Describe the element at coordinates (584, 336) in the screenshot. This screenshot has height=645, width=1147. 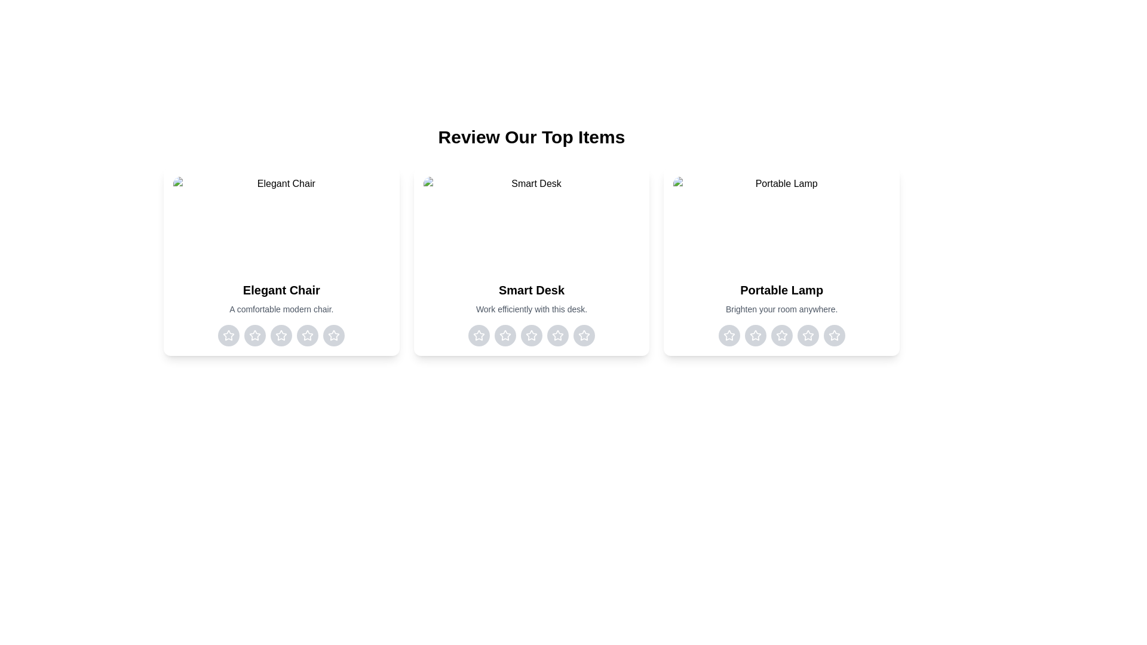
I see `the rating for the item 'Smart Desk' to 5 stars` at that location.